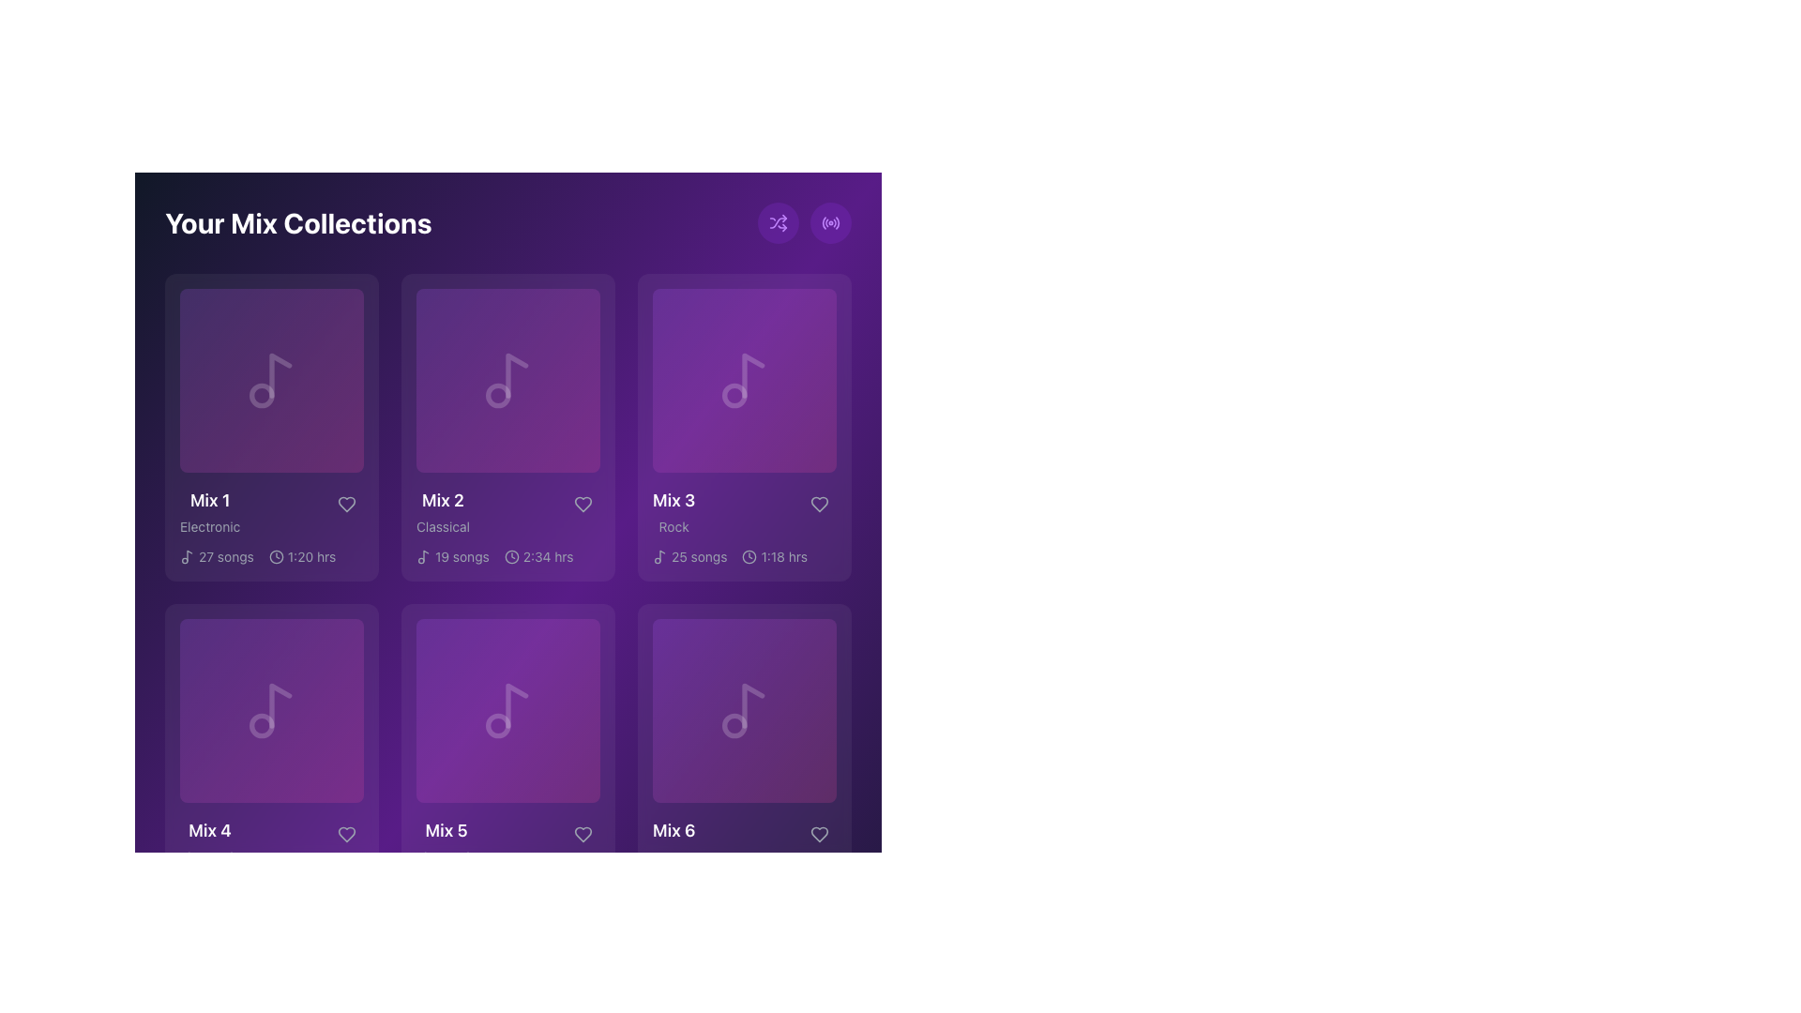 The width and height of the screenshot is (1801, 1013). Describe the element at coordinates (346, 503) in the screenshot. I see `the favorite icon located in the lower-right section of the 'Mix 1' card to mark it as a favorite` at that location.